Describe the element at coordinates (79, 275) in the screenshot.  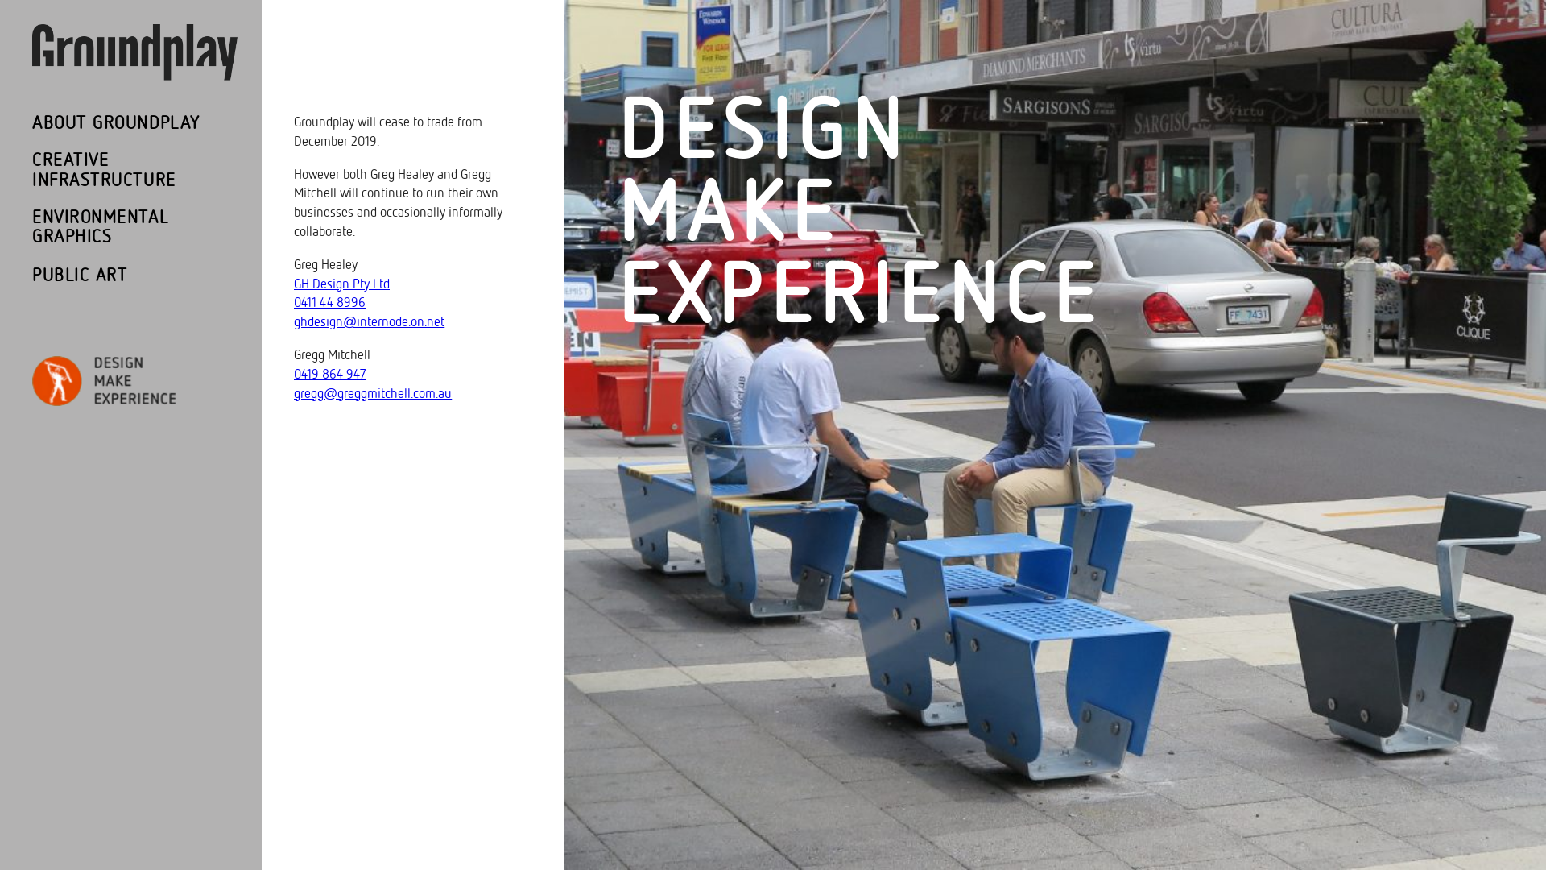
I see `'PUBLIC ART'` at that location.